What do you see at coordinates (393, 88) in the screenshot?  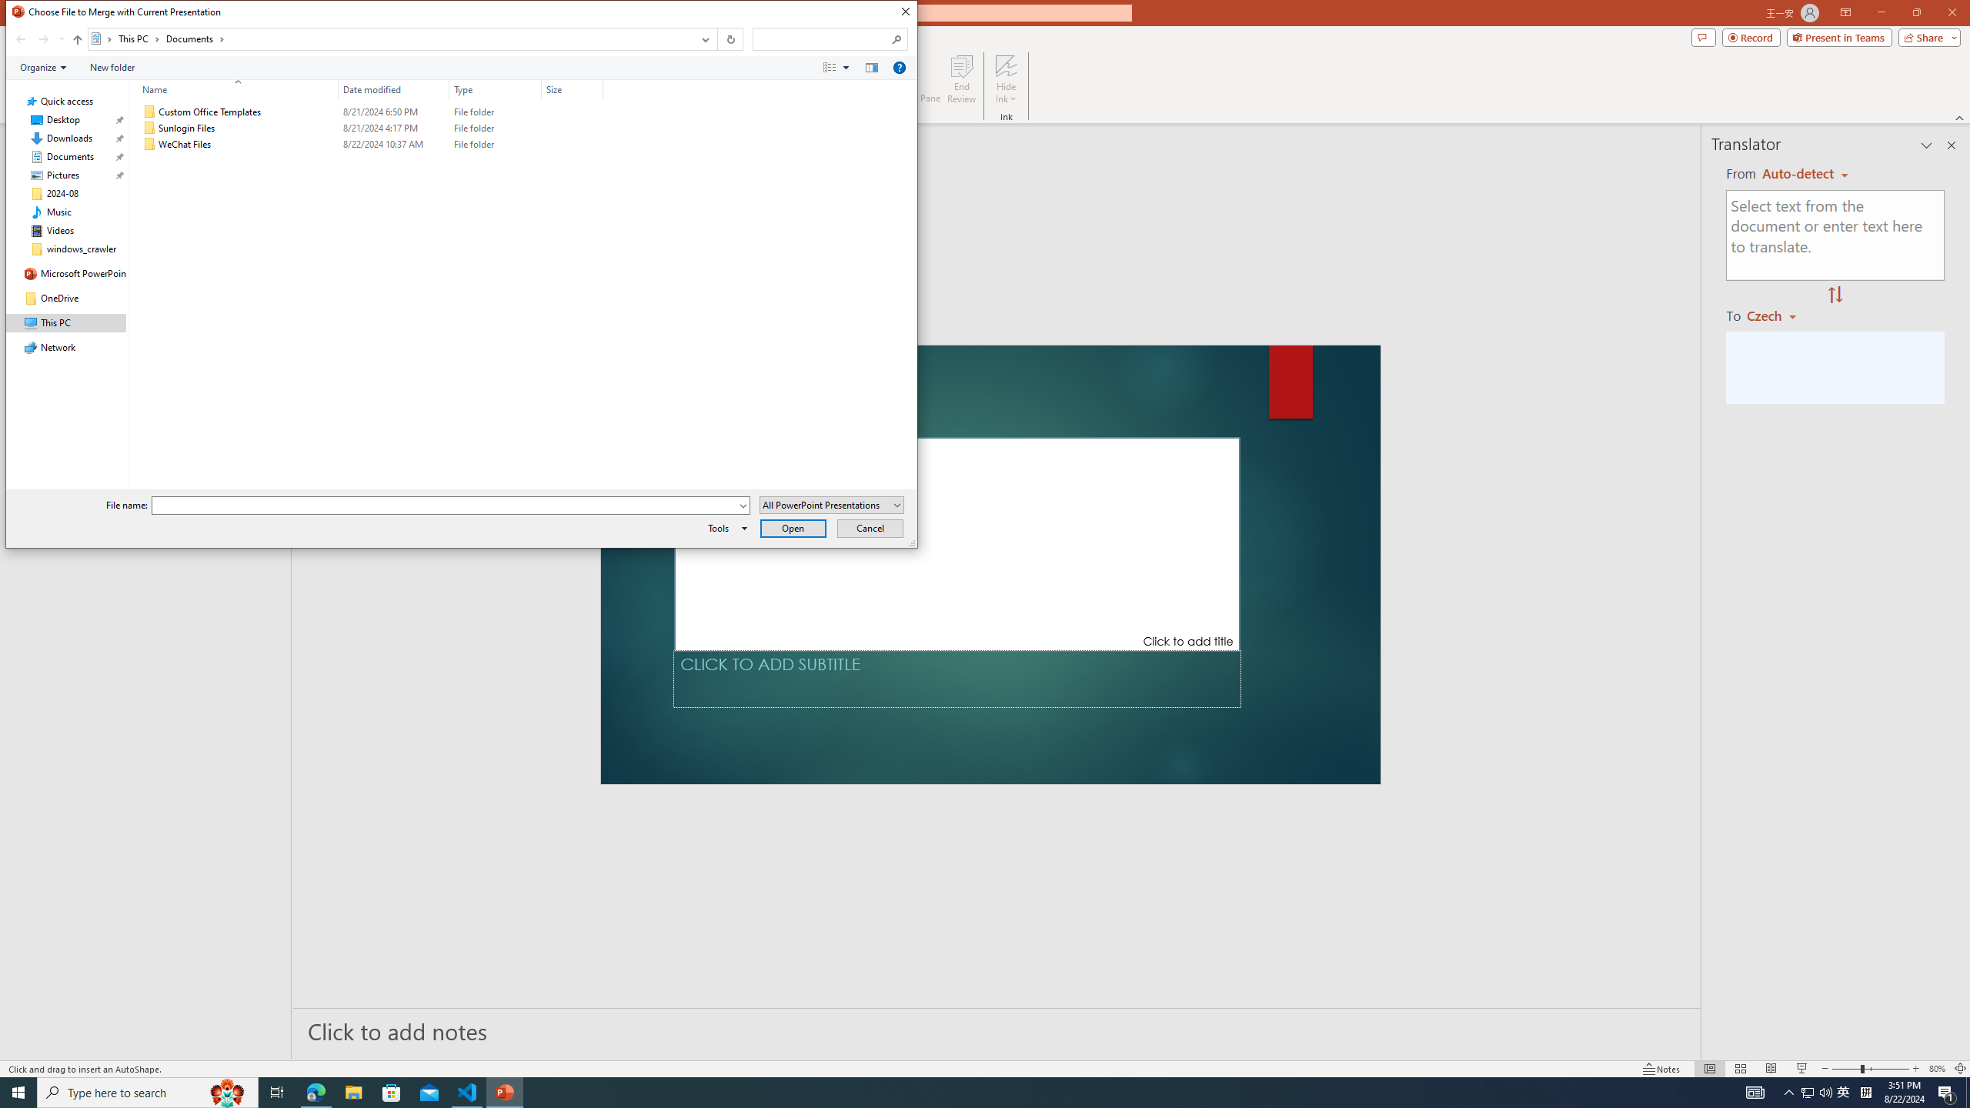 I see `'Date modified'` at bounding box center [393, 88].